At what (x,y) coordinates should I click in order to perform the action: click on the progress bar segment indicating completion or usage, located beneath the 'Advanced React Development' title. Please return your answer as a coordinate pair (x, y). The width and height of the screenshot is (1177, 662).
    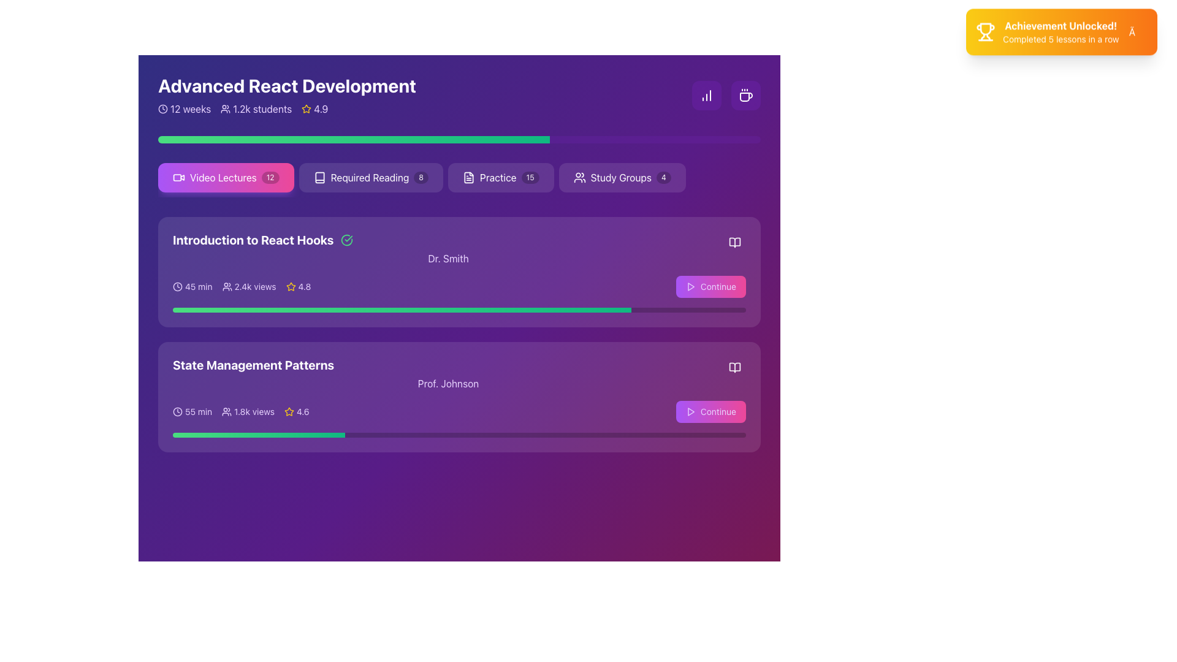
    Looking at the image, I should click on (353, 139).